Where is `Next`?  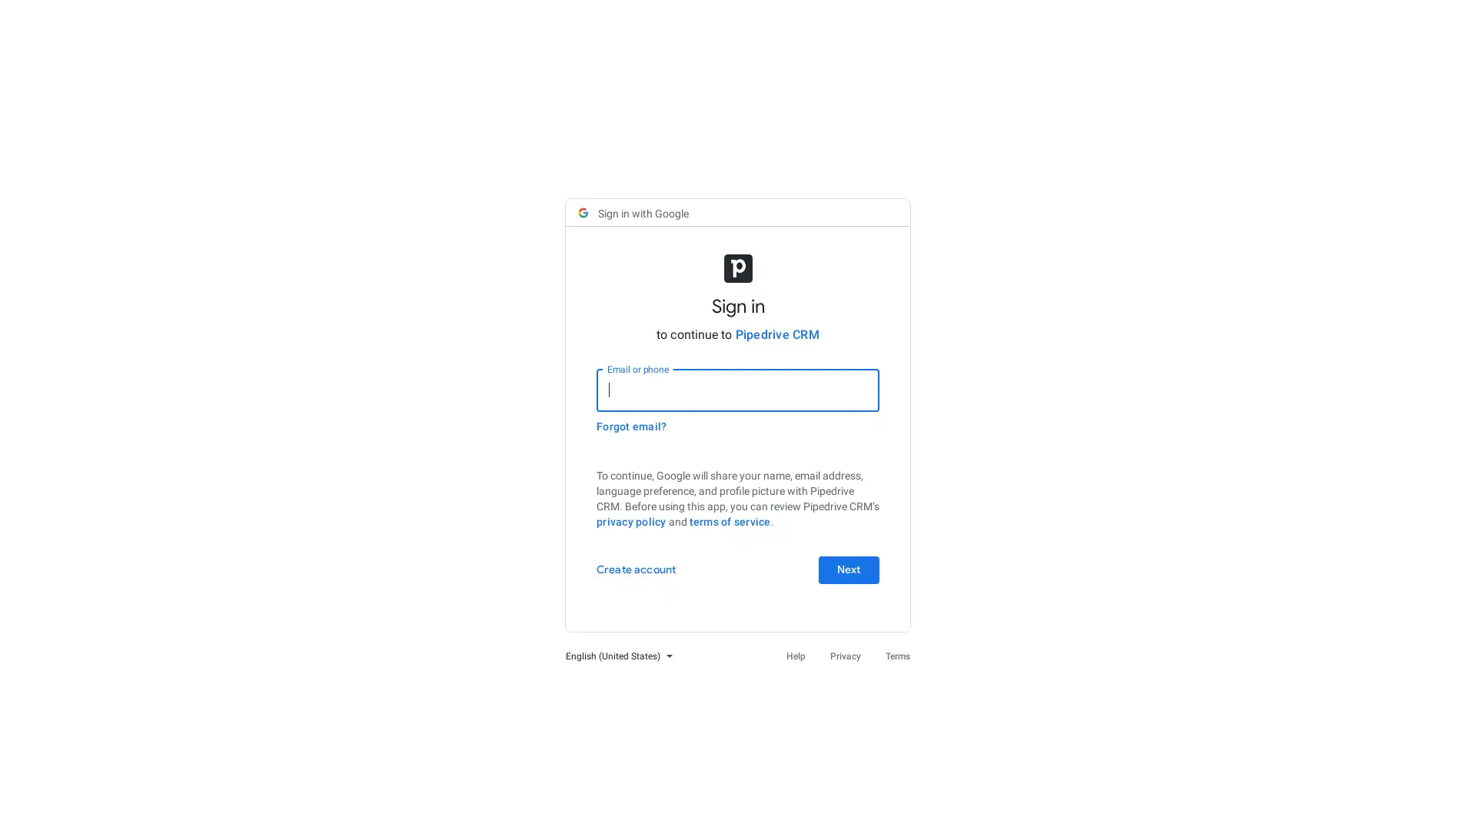
Next is located at coordinates (848, 569).